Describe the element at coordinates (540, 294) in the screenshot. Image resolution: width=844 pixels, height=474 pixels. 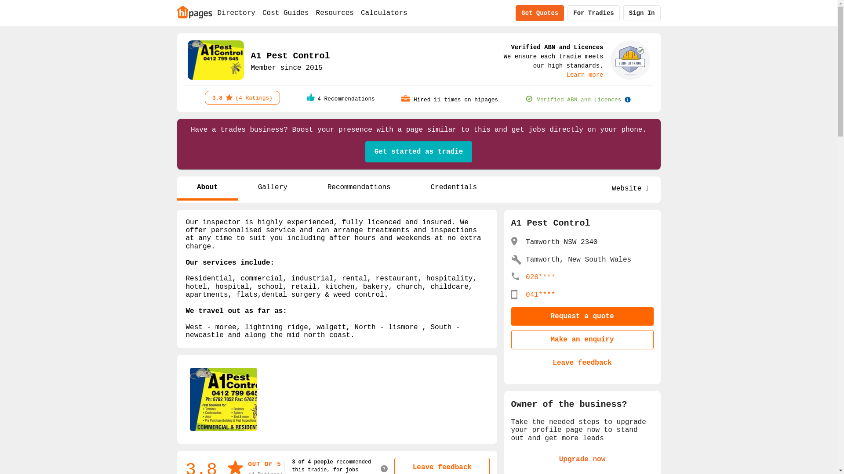
I see `'041****'` at that location.